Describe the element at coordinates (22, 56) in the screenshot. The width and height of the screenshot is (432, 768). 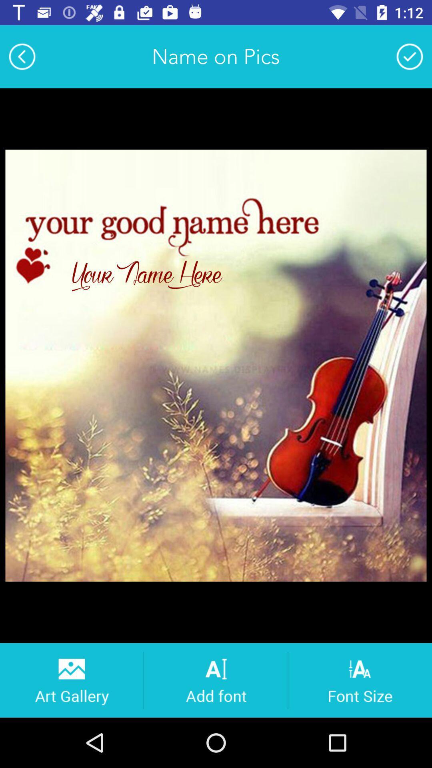
I see `the item at the top left corner` at that location.